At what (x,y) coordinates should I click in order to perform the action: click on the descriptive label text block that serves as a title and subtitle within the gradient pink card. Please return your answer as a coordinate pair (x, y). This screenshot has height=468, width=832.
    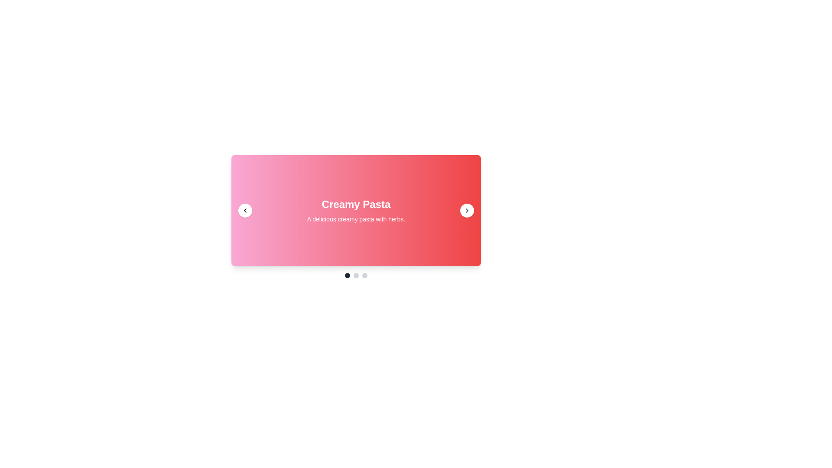
    Looking at the image, I should click on (356, 211).